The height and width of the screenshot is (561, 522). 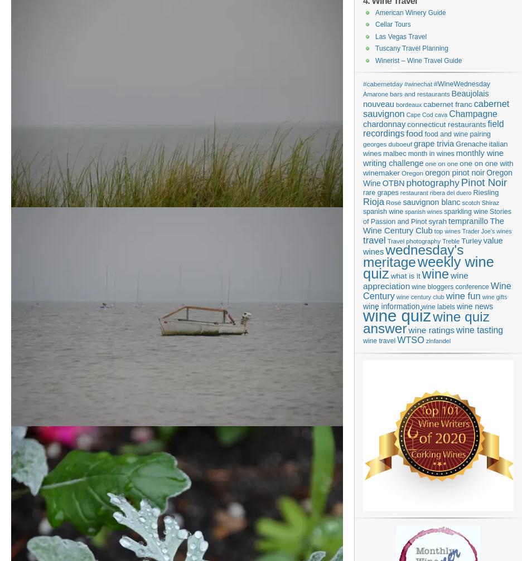 I want to click on 'syrah', so click(x=437, y=221).